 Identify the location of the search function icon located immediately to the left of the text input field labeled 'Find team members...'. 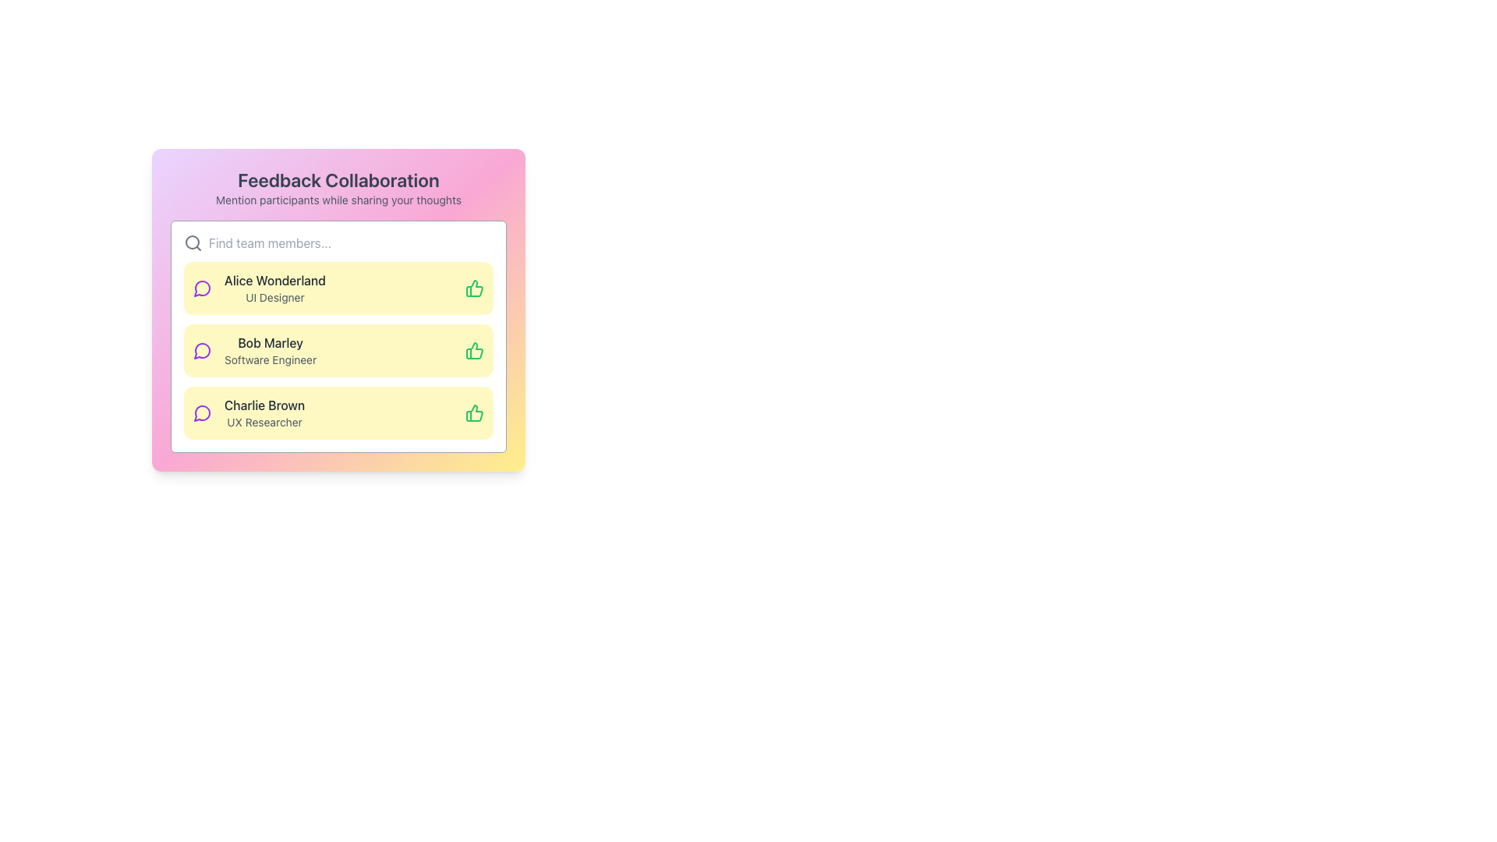
(193, 243).